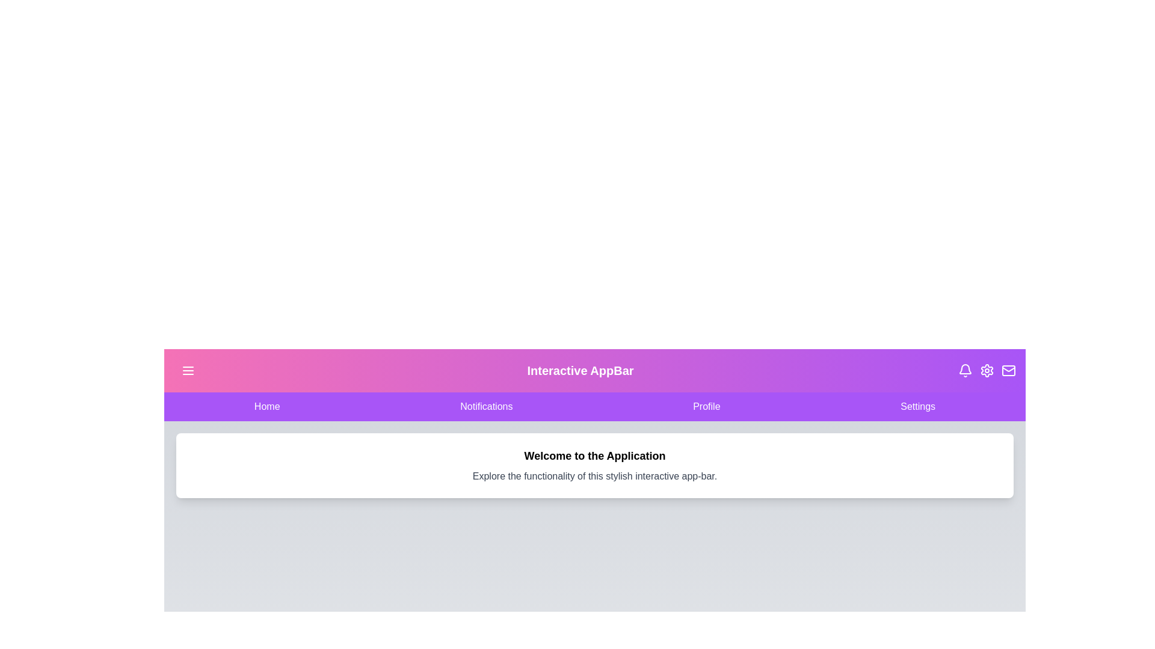  What do you see at coordinates (917, 406) in the screenshot?
I see `the navigation item Settings to observe the hover effect` at bounding box center [917, 406].